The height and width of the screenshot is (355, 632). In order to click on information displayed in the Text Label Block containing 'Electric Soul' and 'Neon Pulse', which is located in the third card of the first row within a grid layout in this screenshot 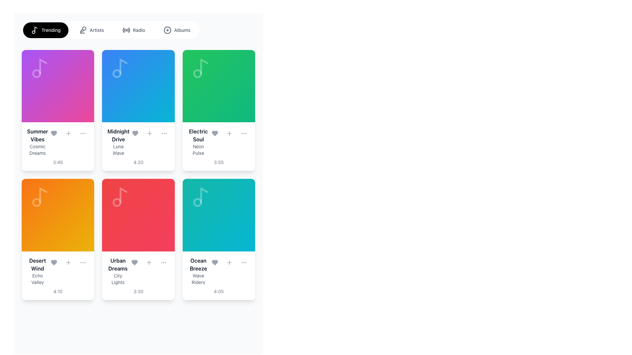, I will do `click(198, 142)`.